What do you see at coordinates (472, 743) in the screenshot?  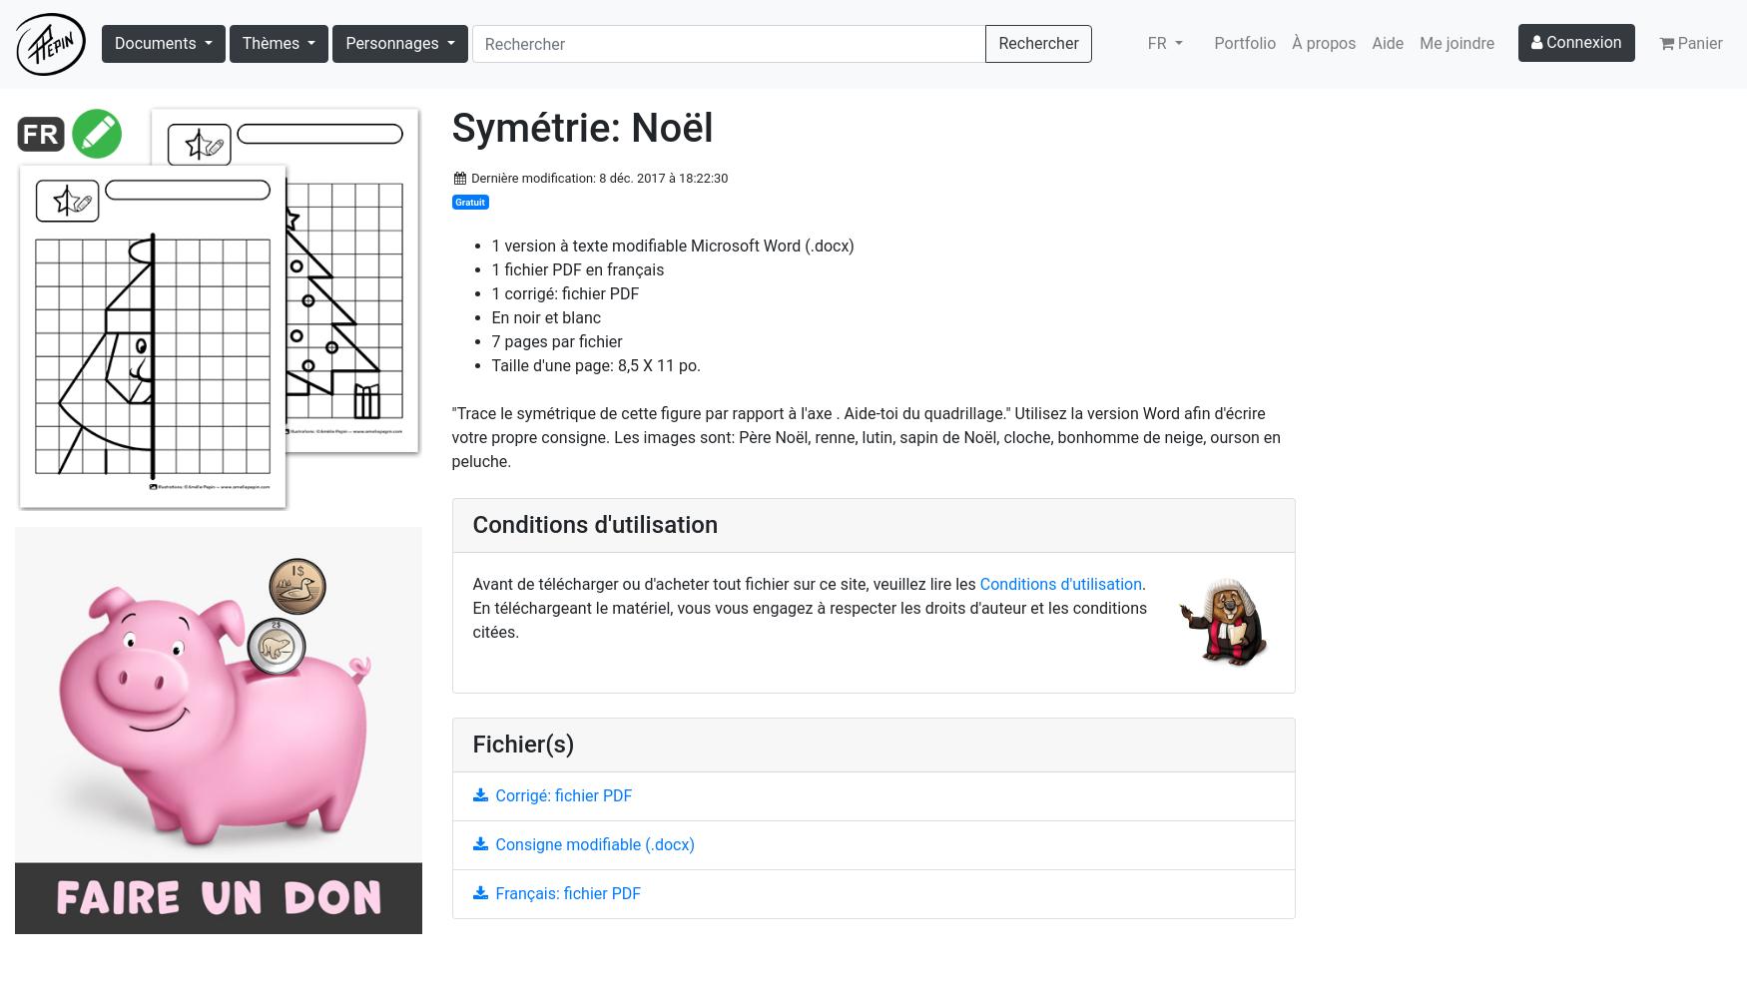 I see `'Fichier(s)'` at bounding box center [472, 743].